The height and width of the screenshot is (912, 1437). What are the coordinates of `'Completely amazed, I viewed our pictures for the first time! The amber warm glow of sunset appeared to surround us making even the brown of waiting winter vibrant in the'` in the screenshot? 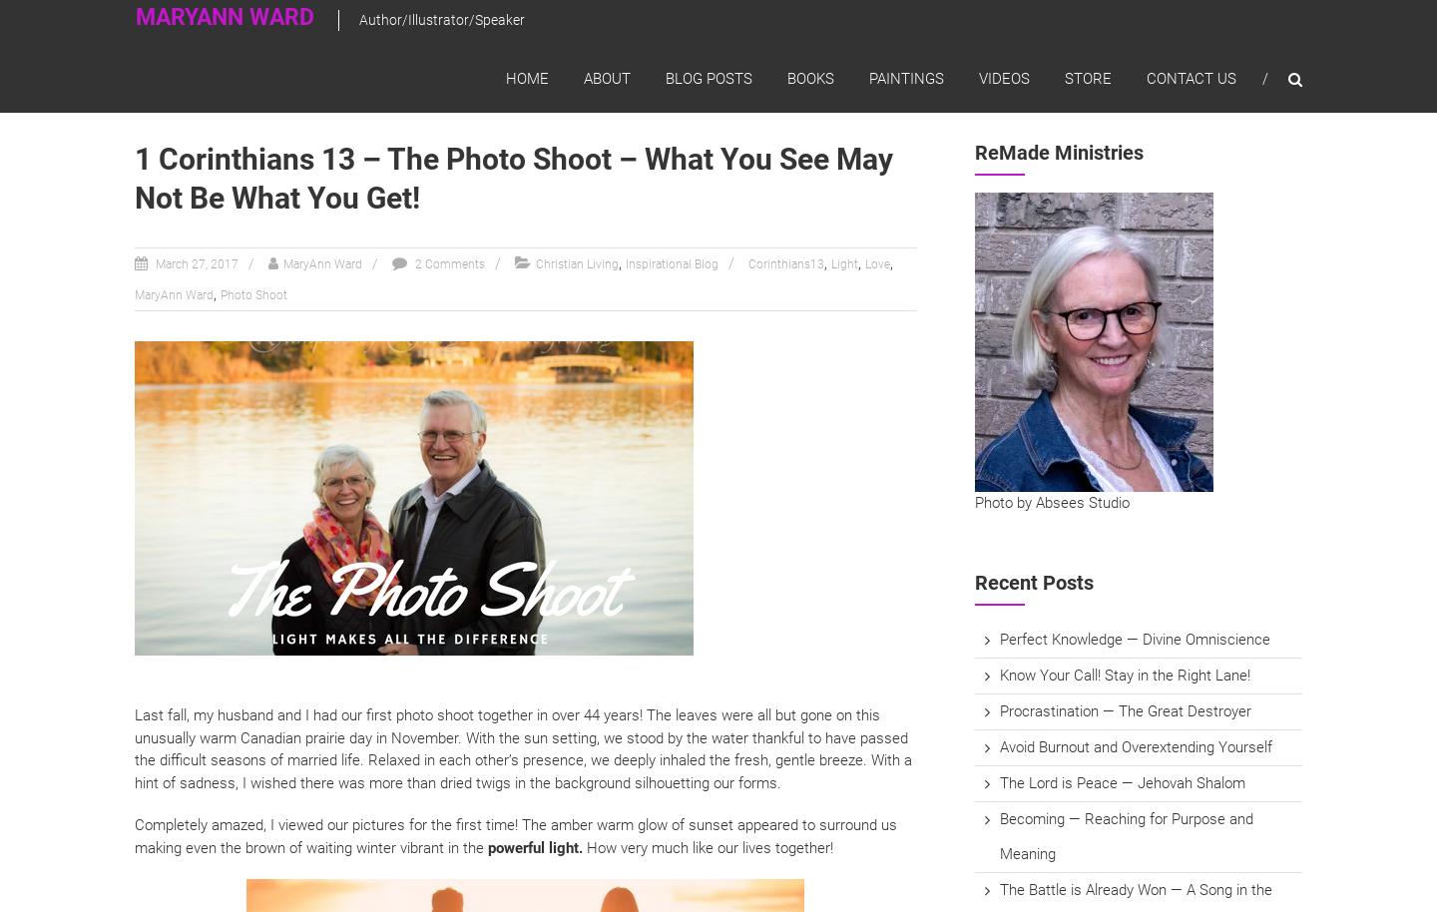 It's located at (514, 835).